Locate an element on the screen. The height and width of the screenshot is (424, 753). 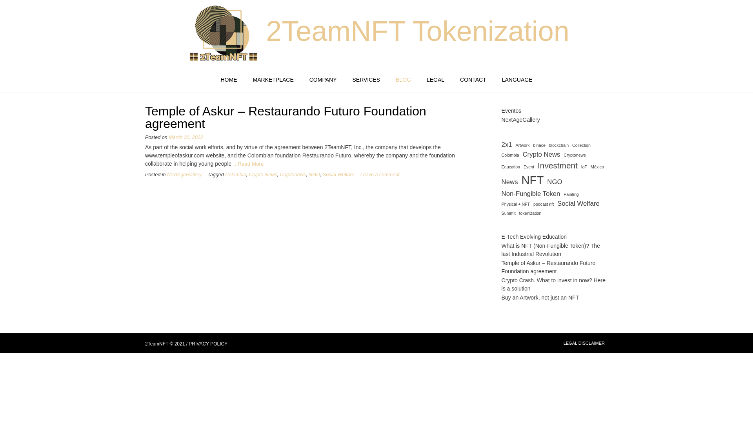
'blockchain' is located at coordinates (558, 145).